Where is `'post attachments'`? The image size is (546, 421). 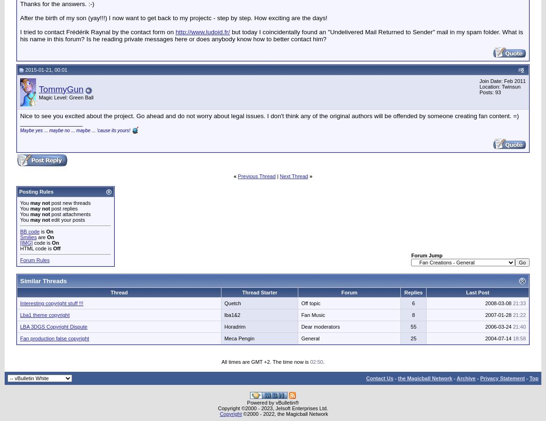
'post attachments' is located at coordinates (70, 213).